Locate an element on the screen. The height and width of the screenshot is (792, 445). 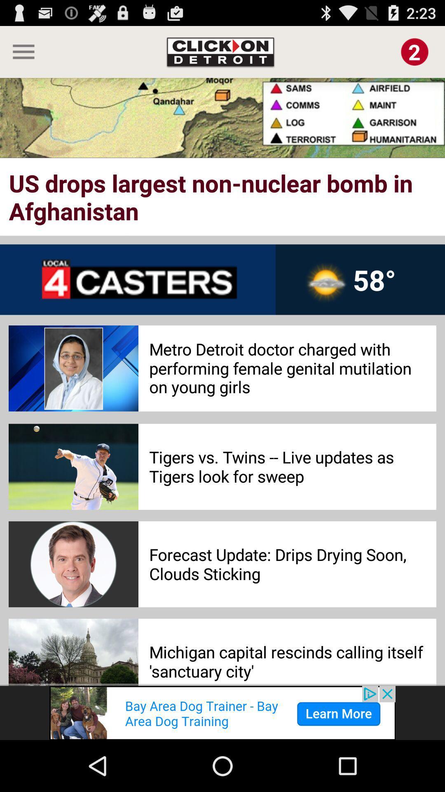
the image is located at coordinates (415, 51).